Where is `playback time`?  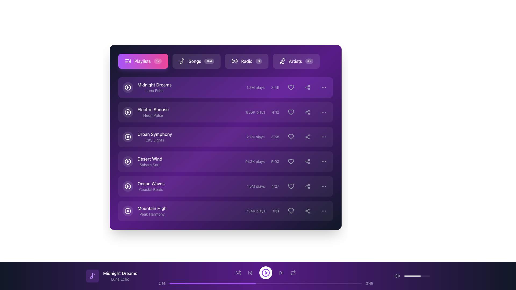 playback time is located at coordinates (340, 283).